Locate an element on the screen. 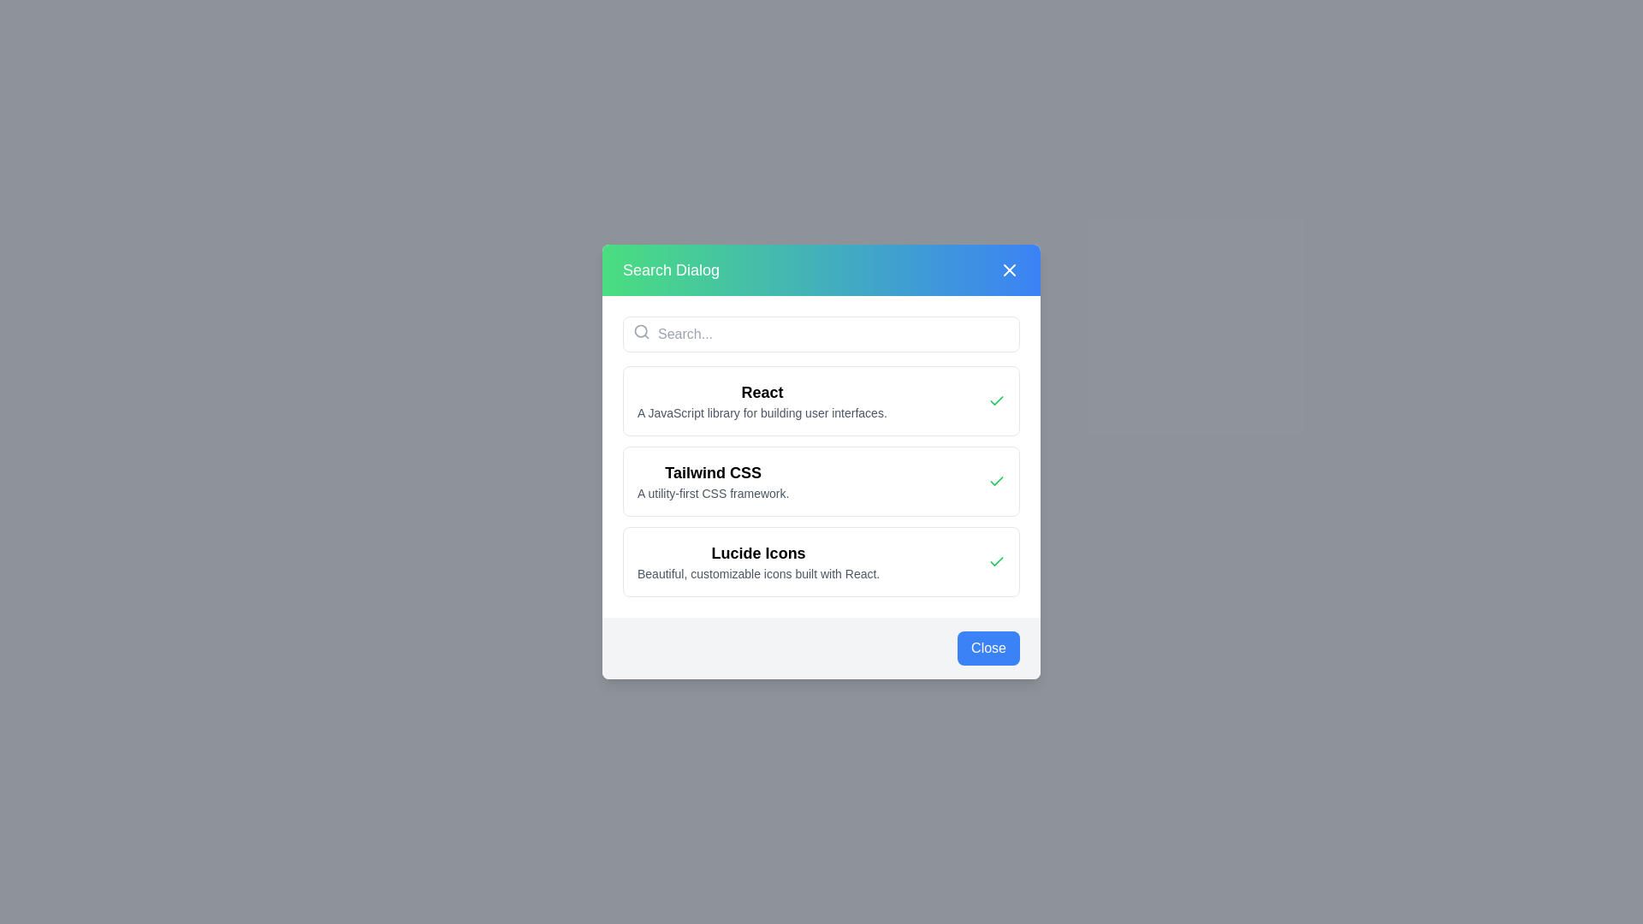 Image resolution: width=1643 pixels, height=924 pixels. the 'Close' button, which is a rectangular button with white text on a blue background, located at the bottom-right corner of the modal dialogue box is located at coordinates (988, 649).